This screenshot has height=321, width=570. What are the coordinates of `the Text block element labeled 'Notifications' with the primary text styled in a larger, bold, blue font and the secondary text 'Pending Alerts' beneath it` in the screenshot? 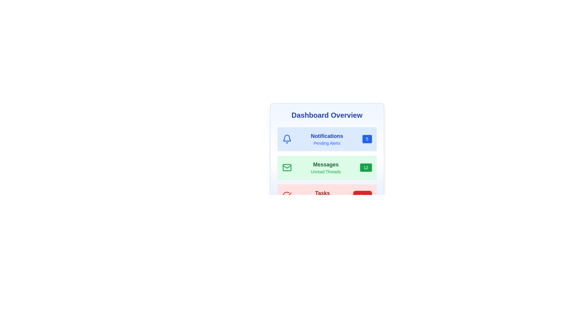 It's located at (327, 139).